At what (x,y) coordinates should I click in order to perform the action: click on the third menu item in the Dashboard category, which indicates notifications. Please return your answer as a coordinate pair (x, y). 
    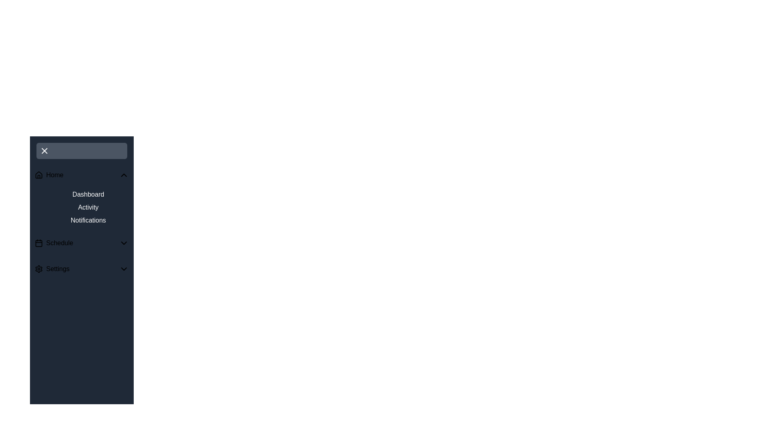
    Looking at the image, I should click on (88, 220).